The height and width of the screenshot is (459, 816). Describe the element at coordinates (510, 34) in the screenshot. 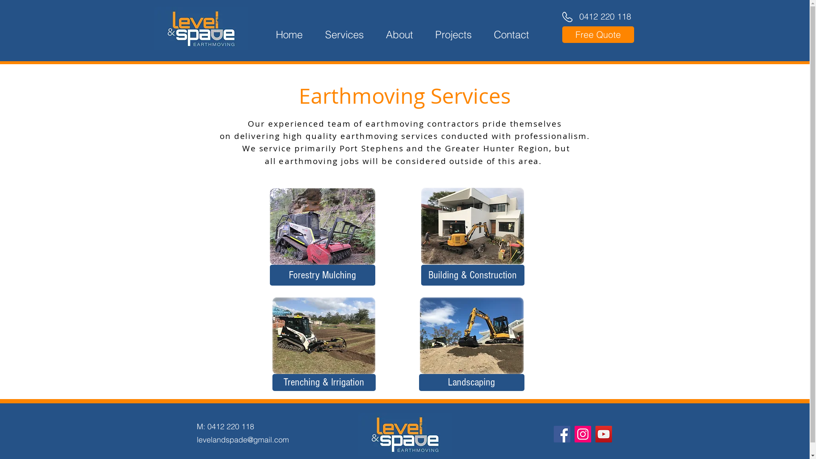

I see `'Contact'` at that location.